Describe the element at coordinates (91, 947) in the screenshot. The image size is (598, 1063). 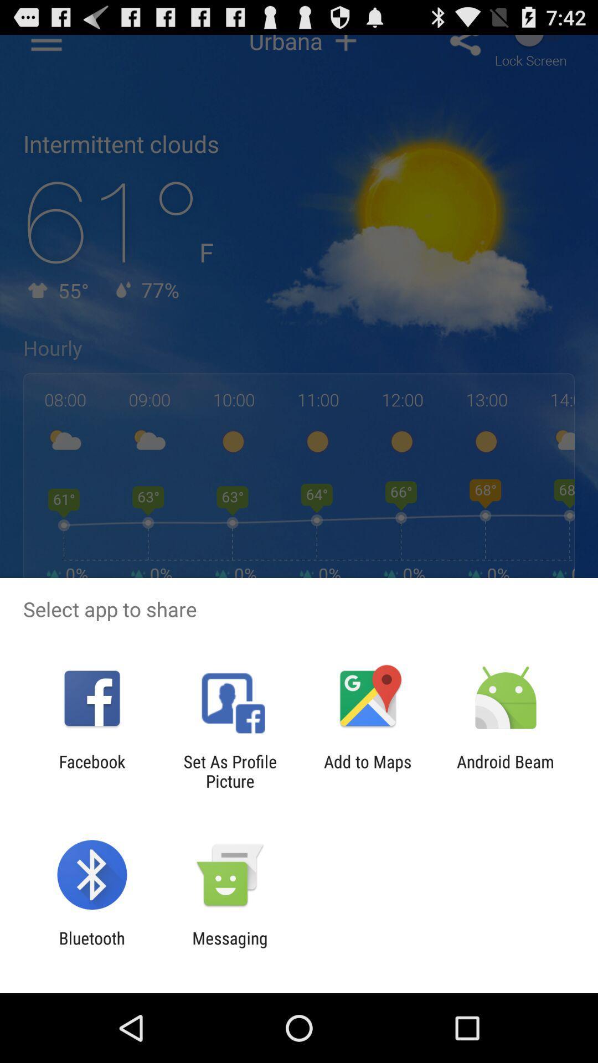
I see `the bluetooth app` at that location.